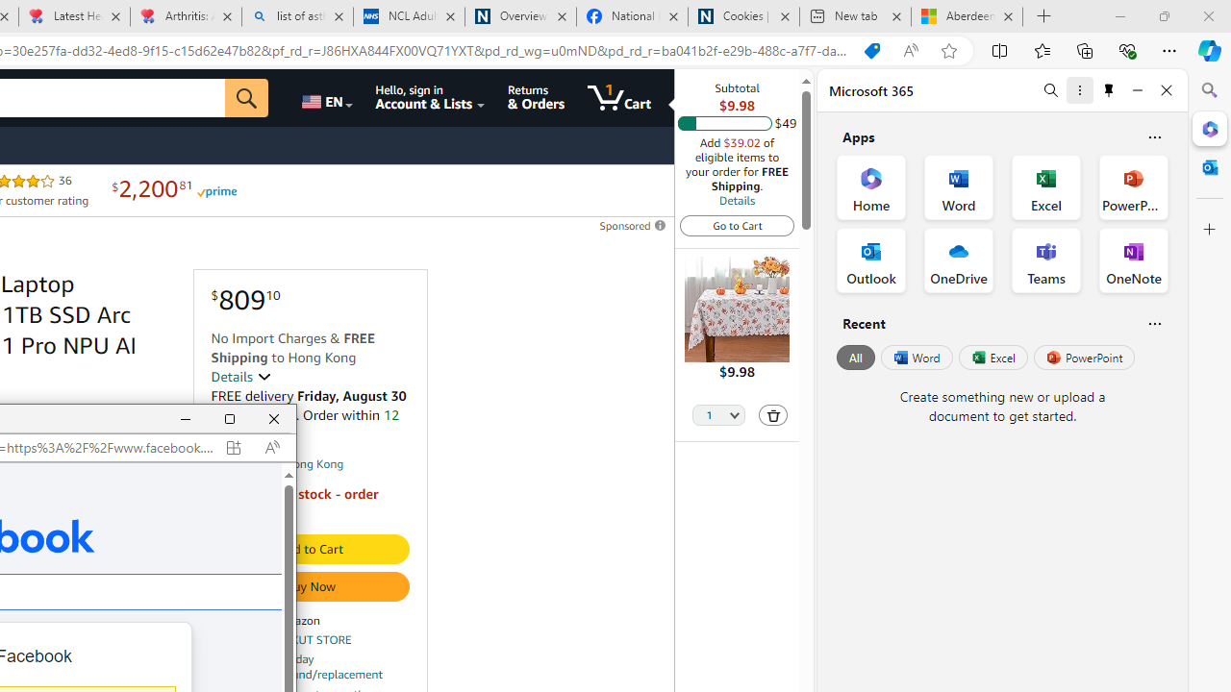 This screenshot has height=692, width=1231. What do you see at coordinates (736, 200) in the screenshot?
I see `'Details'` at bounding box center [736, 200].